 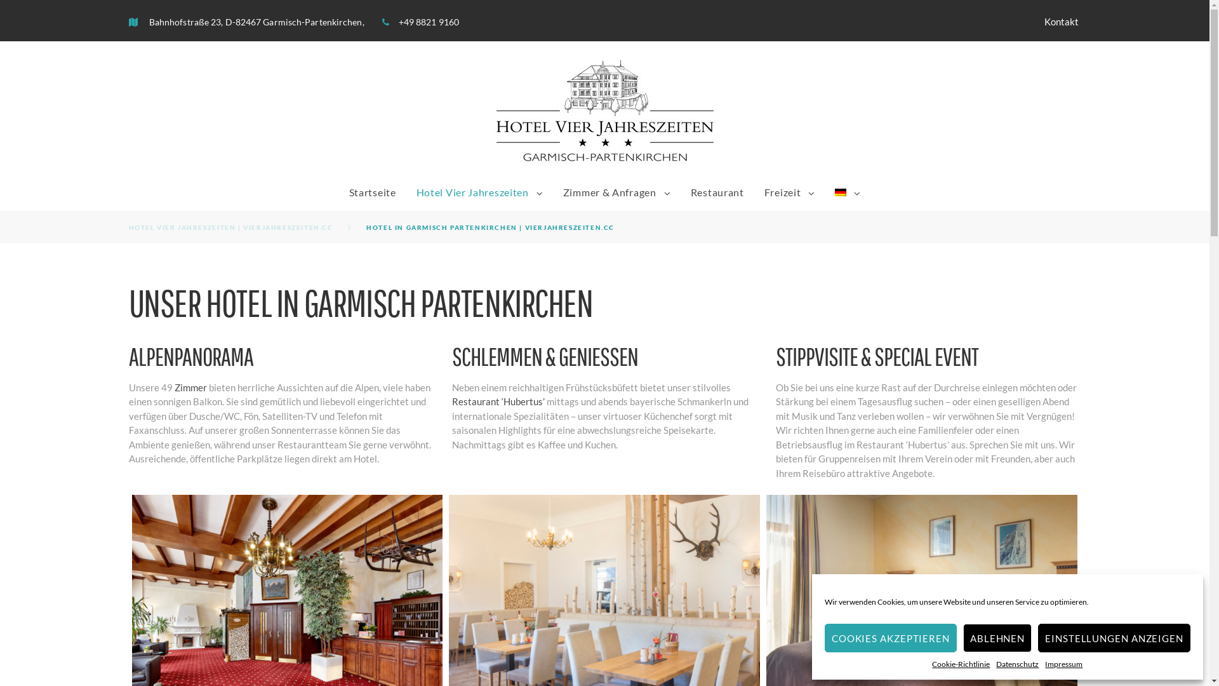 I want to click on 'Impressum', so click(x=1045, y=663).